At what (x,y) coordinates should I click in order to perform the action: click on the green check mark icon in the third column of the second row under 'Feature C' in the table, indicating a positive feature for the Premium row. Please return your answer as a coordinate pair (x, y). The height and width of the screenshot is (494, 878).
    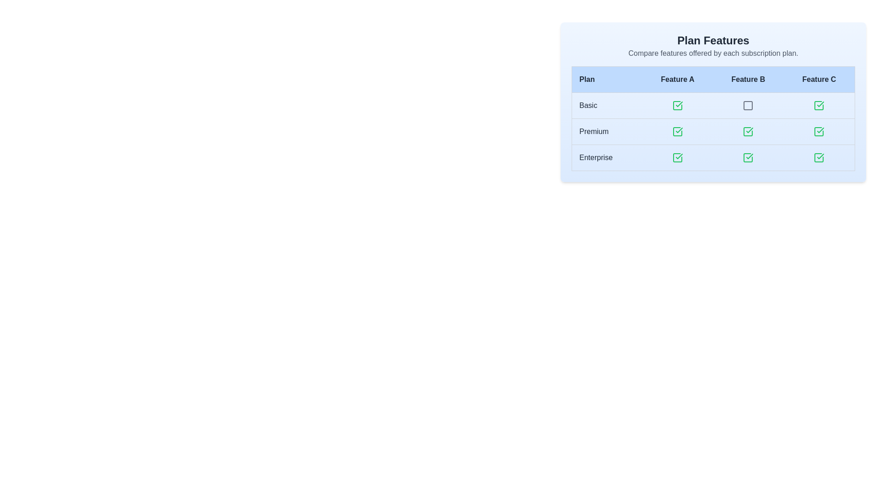
    Looking at the image, I should click on (819, 132).